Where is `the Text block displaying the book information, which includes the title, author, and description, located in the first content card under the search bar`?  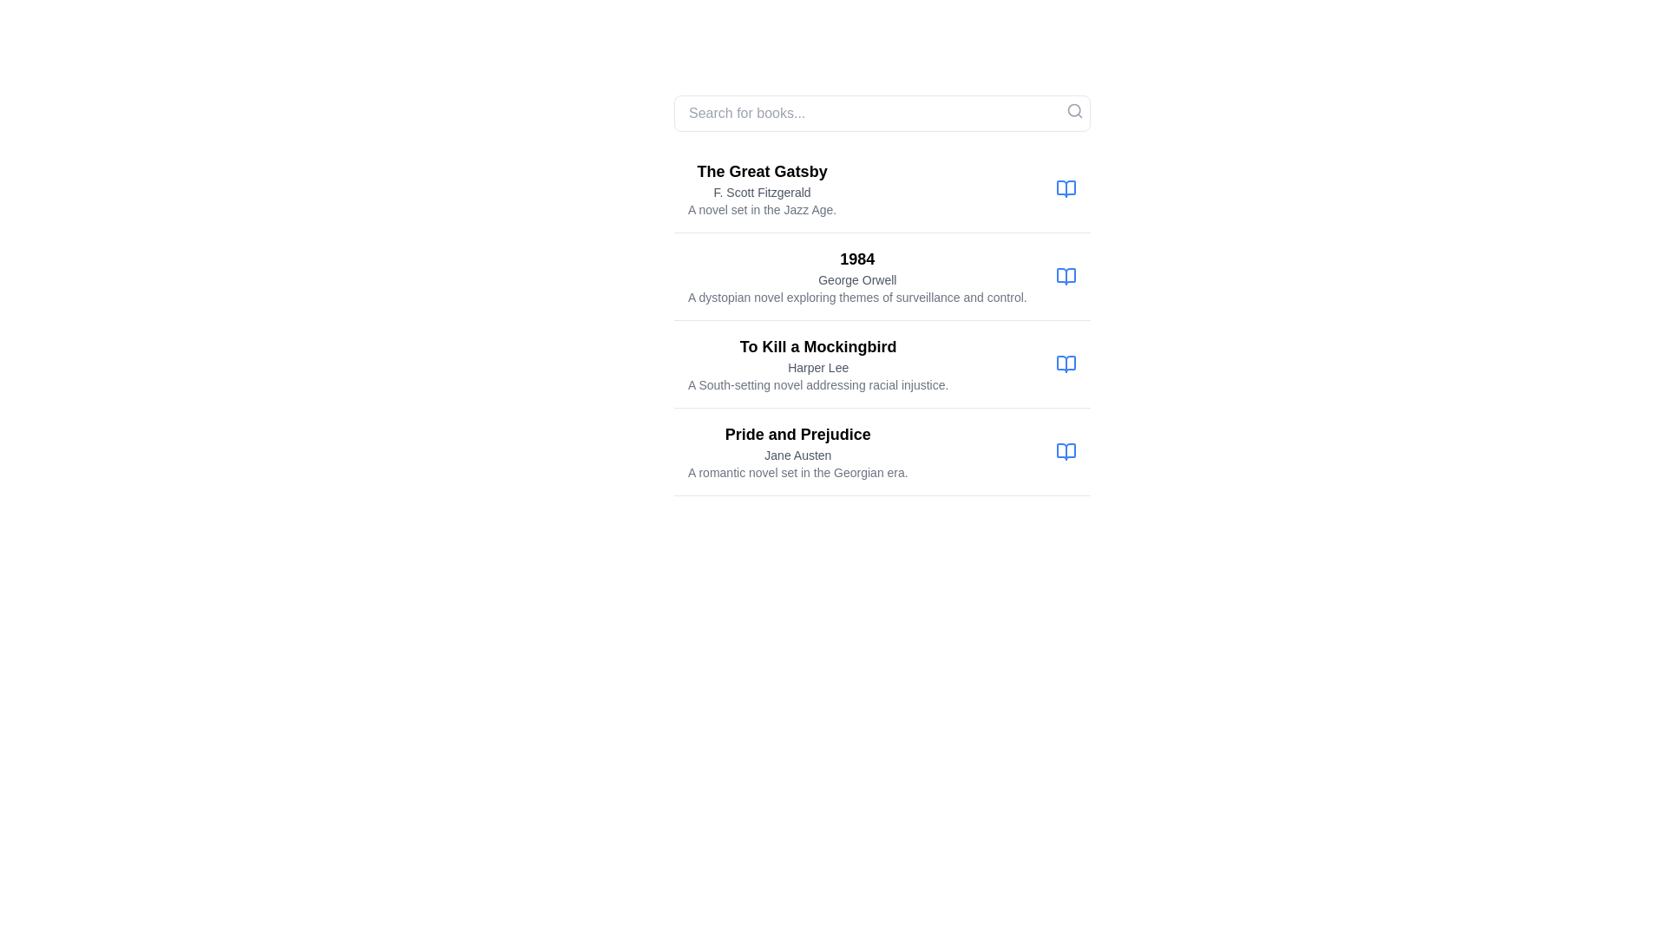
the Text block displaying the book information, which includes the title, author, and description, located in the first content card under the search bar is located at coordinates (762, 189).